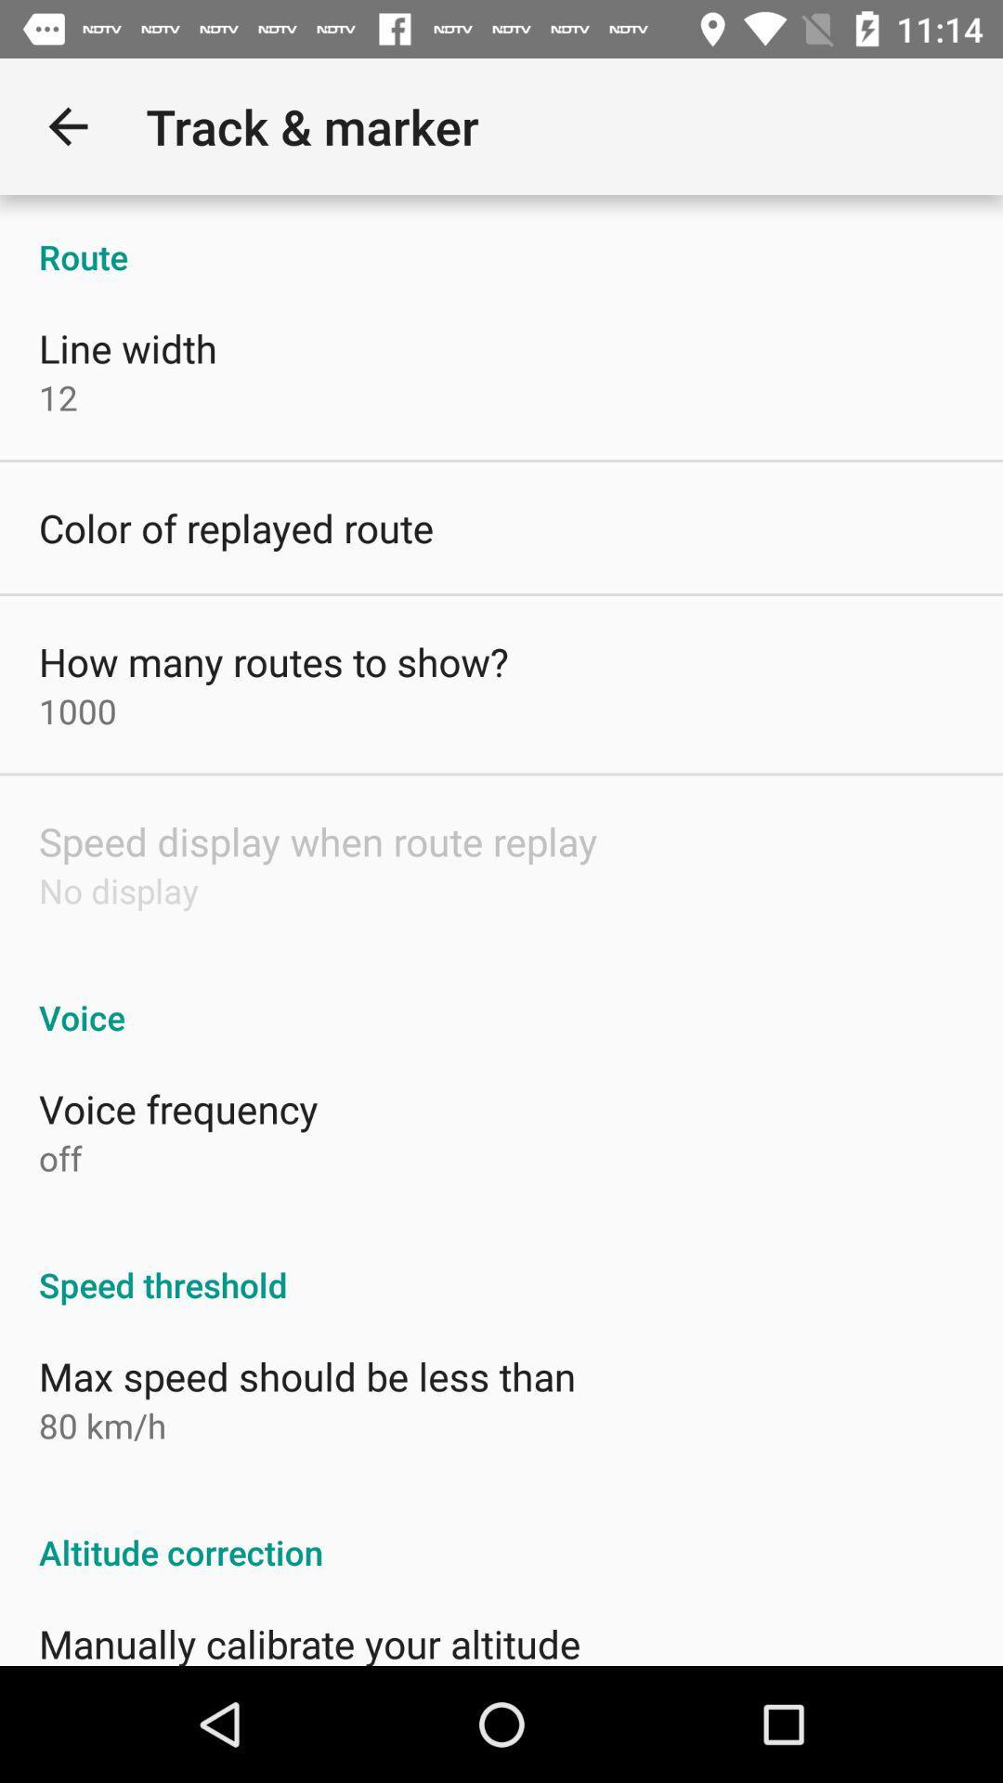 Image resolution: width=1003 pixels, height=1783 pixels. Describe the element at coordinates (501, 1264) in the screenshot. I see `speed threshold item` at that location.